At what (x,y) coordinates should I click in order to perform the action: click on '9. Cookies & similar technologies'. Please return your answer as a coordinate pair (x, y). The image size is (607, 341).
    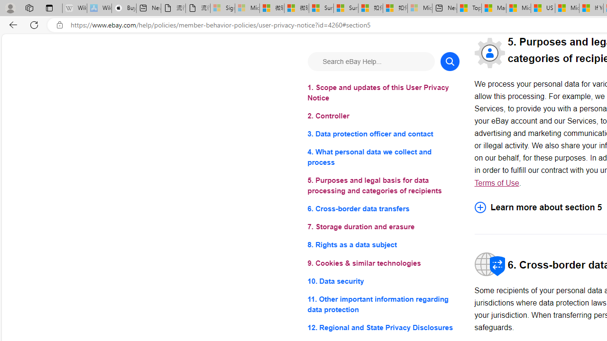
    Looking at the image, I should click on (383, 263).